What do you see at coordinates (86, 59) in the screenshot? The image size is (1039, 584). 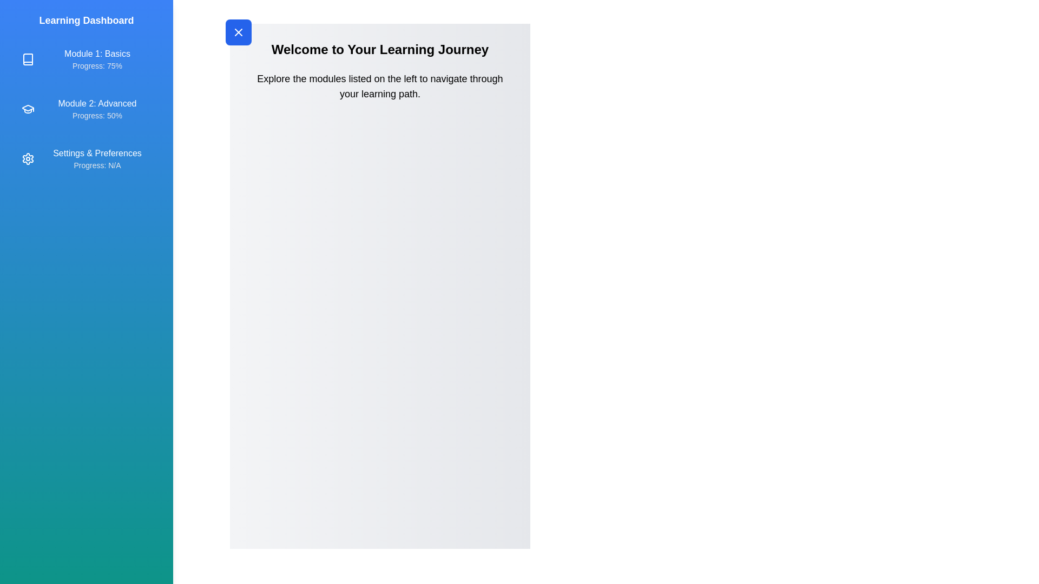 I see `the module titled Module 1: Basics from the list` at bounding box center [86, 59].